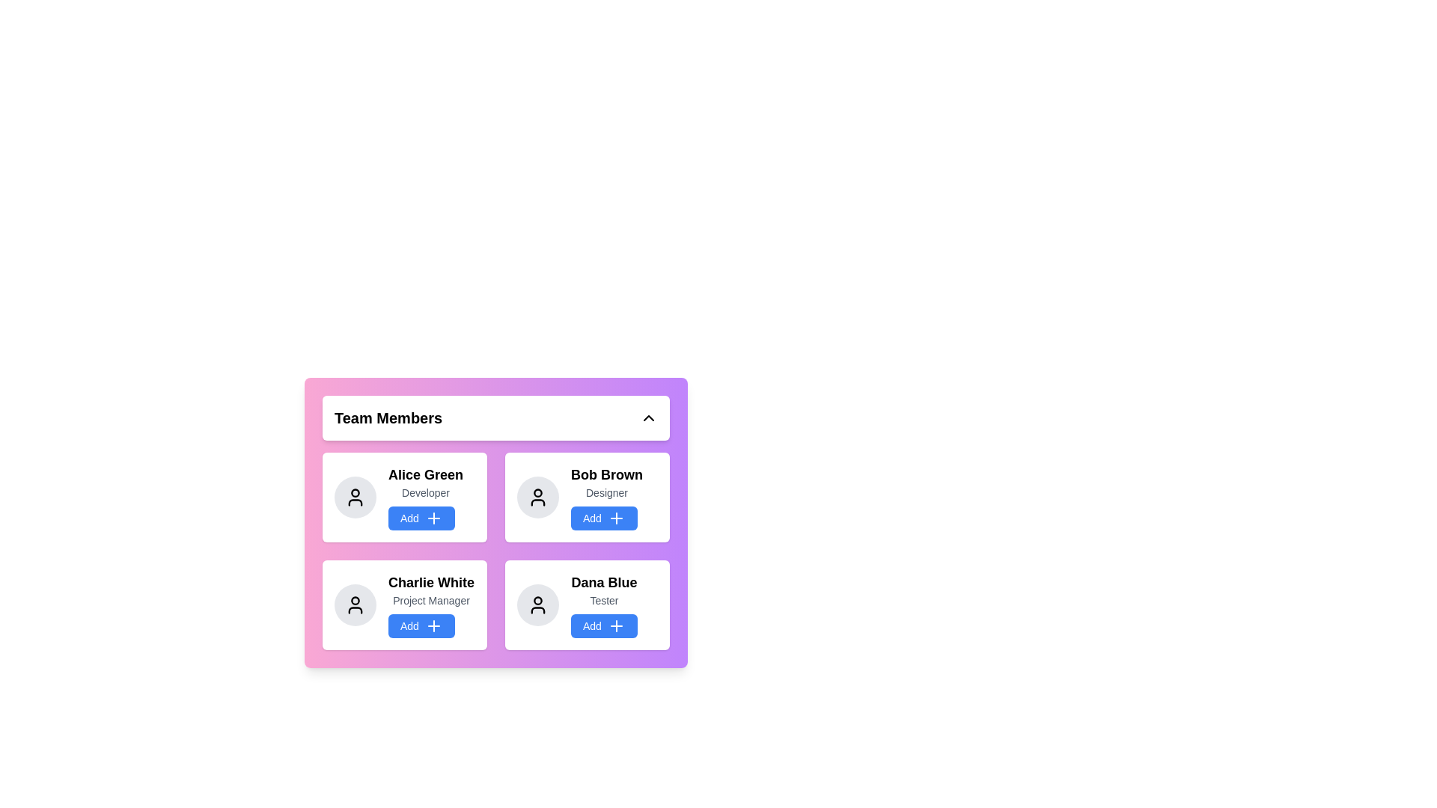  What do you see at coordinates (355, 599) in the screenshot?
I see `the user profile icon representing Charlie White, which is centrally aligned within a circular avatar icon in the bottom-left section of the Team Members interface` at bounding box center [355, 599].